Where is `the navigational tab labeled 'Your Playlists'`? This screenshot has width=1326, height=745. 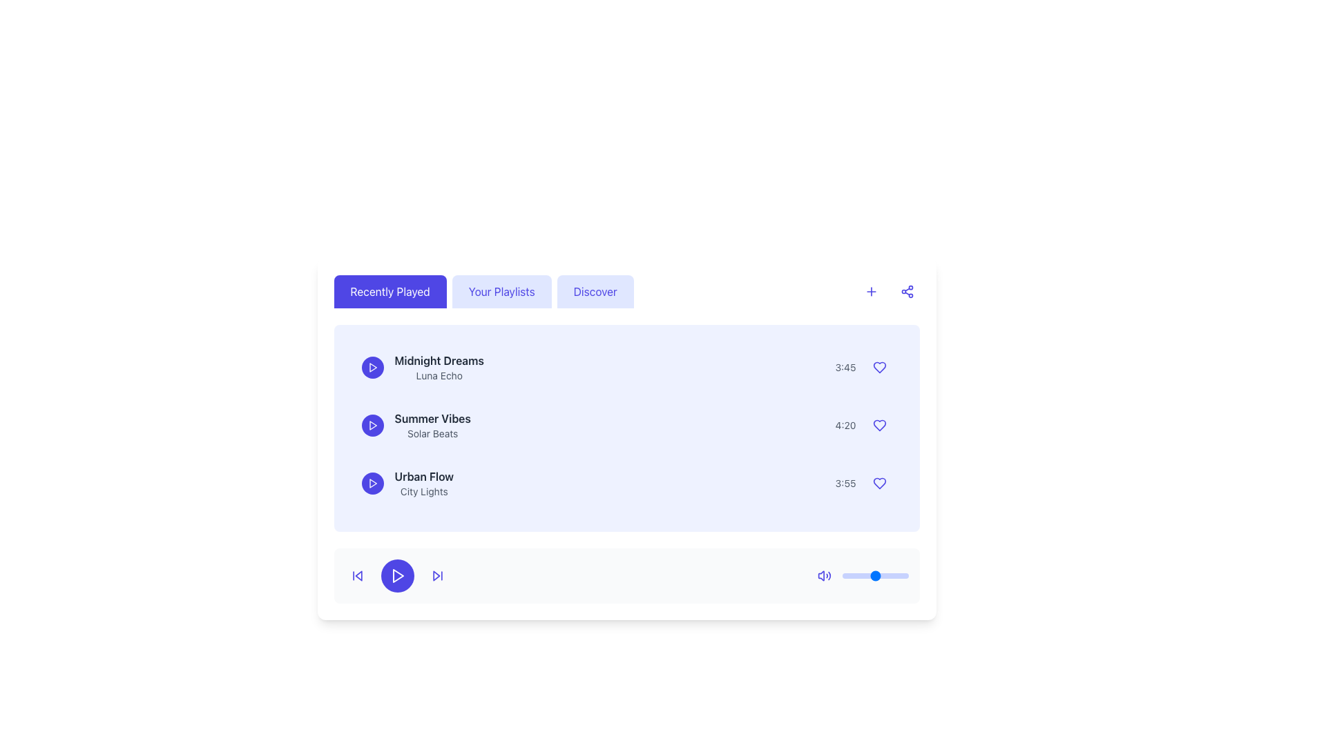
the navigational tab labeled 'Your Playlists' is located at coordinates (483, 291).